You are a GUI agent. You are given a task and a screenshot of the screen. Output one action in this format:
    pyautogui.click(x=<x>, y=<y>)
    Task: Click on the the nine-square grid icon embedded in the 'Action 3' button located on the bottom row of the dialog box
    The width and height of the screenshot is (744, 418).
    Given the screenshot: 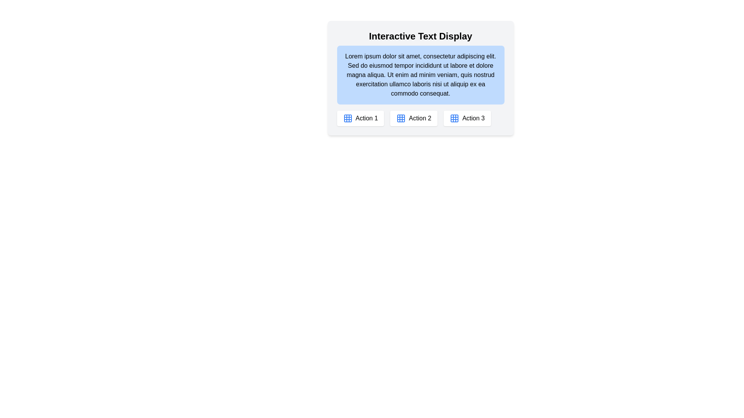 What is the action you would take?
    pyautogui.click(x=455, y=118)
    